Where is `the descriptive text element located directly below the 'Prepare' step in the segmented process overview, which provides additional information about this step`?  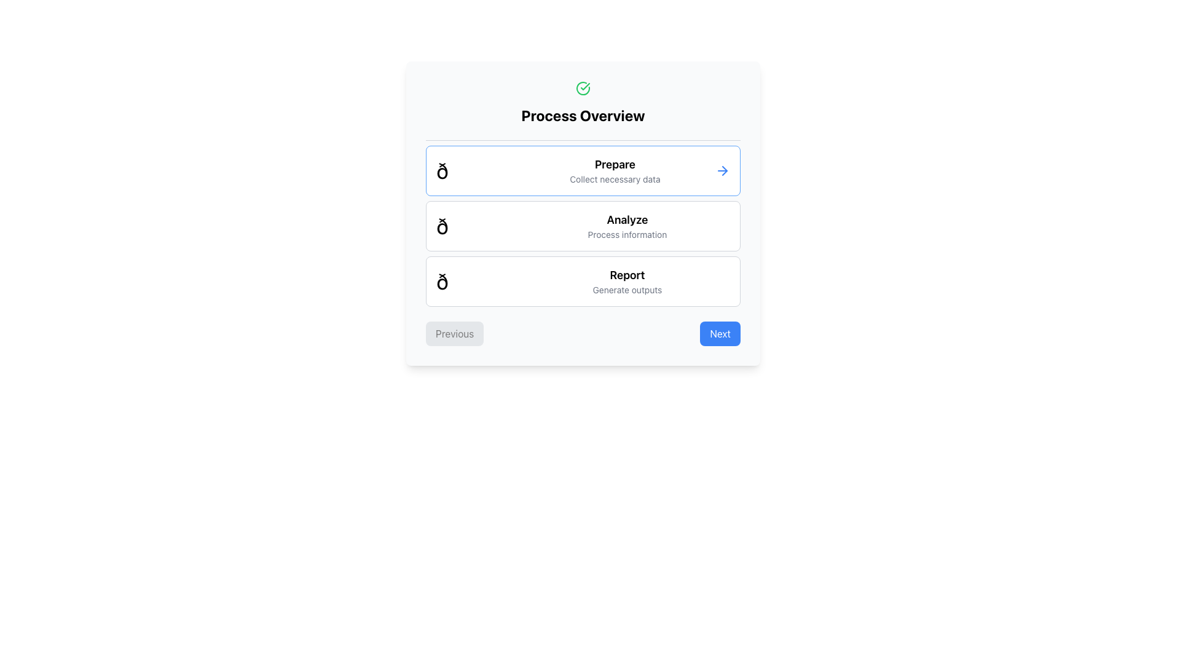
the descriptive text element located directly below the 'Prepare' step in the segmented process overview, which provides additional information about this step is located at coordinates (615, 180).